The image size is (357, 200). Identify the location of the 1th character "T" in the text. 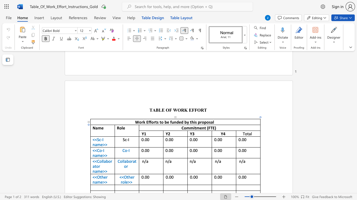
(211, 128).